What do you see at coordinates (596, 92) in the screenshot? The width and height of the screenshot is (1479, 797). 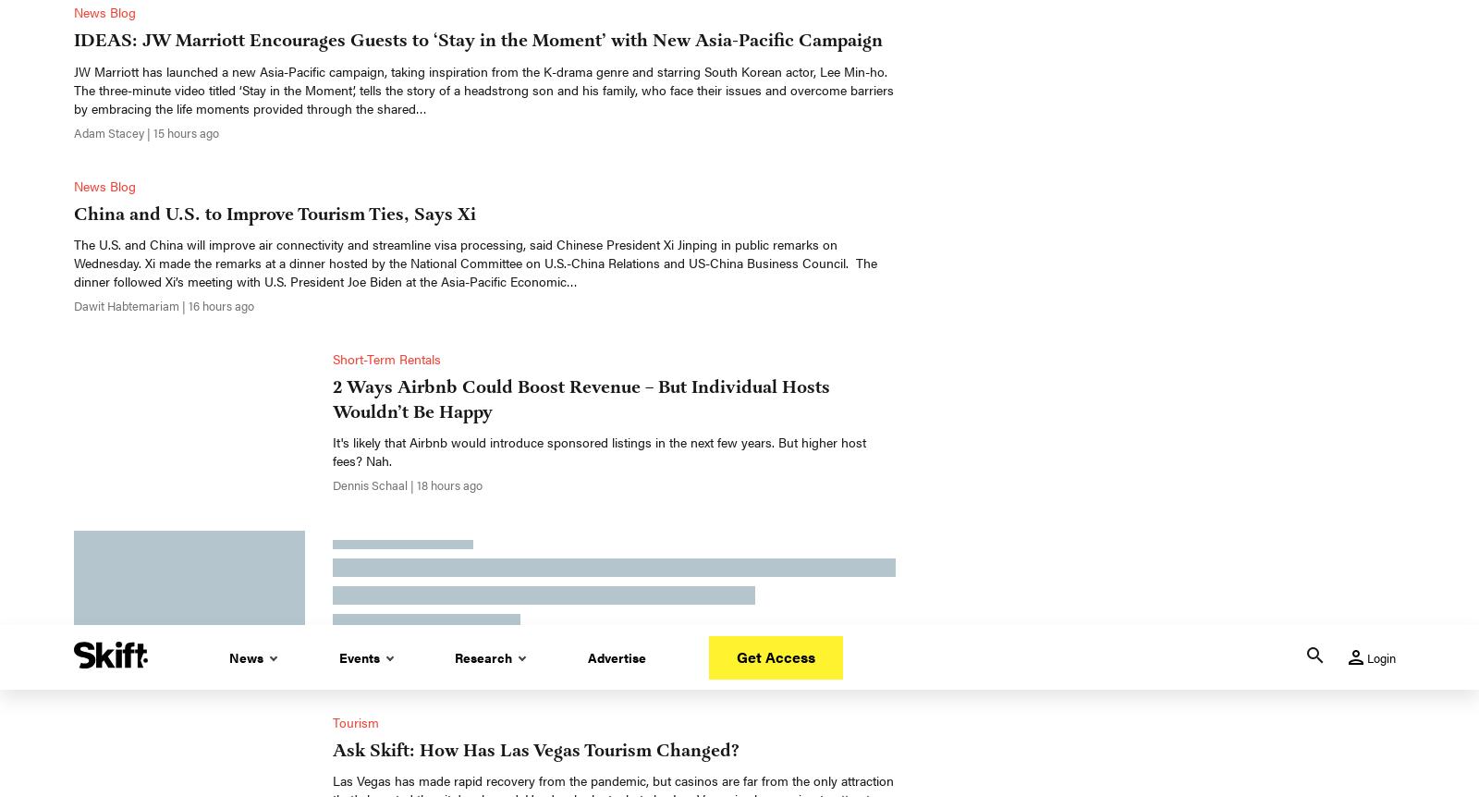 I see `'IHG will franchise a hotel at The Heart Of Europe, with potential for two more hotels at one of Dubai's best-known on-again-off-again tourism projects.'` at bounding box center [596, 92].